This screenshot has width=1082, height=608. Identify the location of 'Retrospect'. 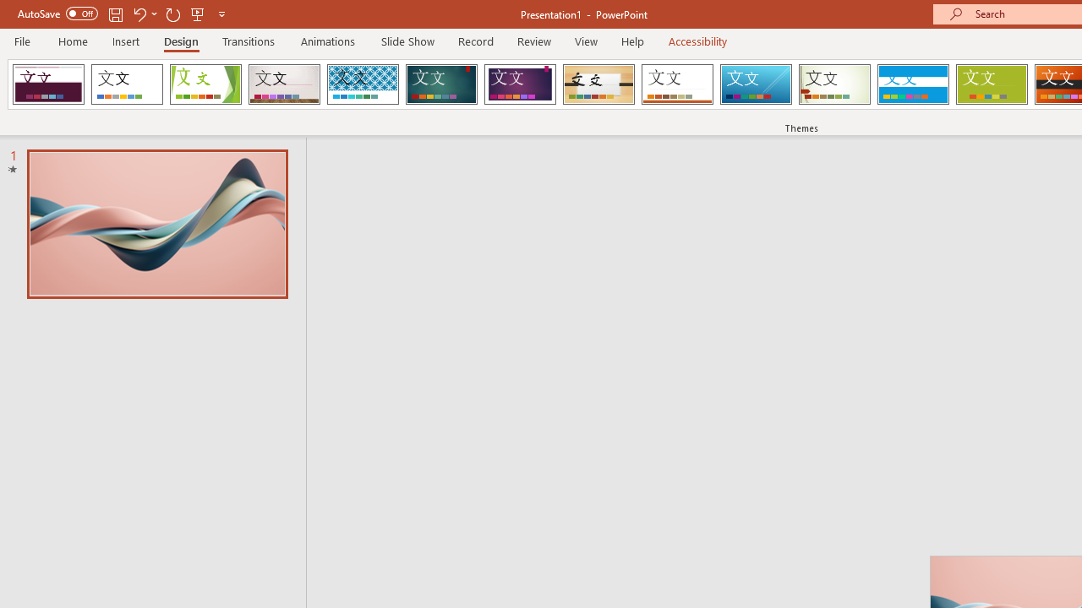
(677, 84).